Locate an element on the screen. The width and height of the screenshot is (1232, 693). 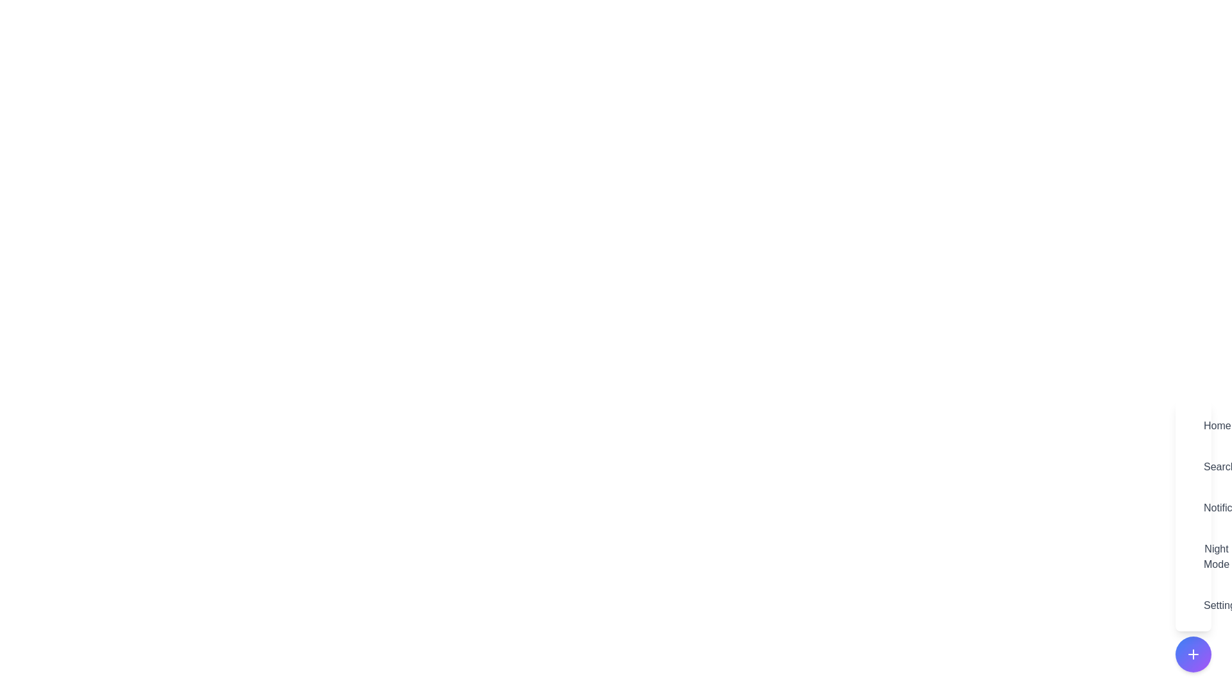
the menu item labeled Night Mode is located at coordinates (1193, 556).